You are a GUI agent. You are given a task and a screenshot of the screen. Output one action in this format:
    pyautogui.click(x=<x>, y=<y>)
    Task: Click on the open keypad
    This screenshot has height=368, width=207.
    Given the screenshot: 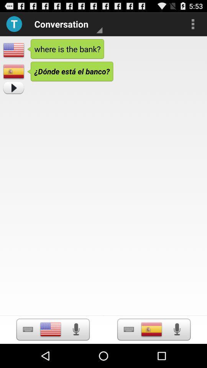 What is the action you would take?
    pyautogui.click(x=27, y=329)
    